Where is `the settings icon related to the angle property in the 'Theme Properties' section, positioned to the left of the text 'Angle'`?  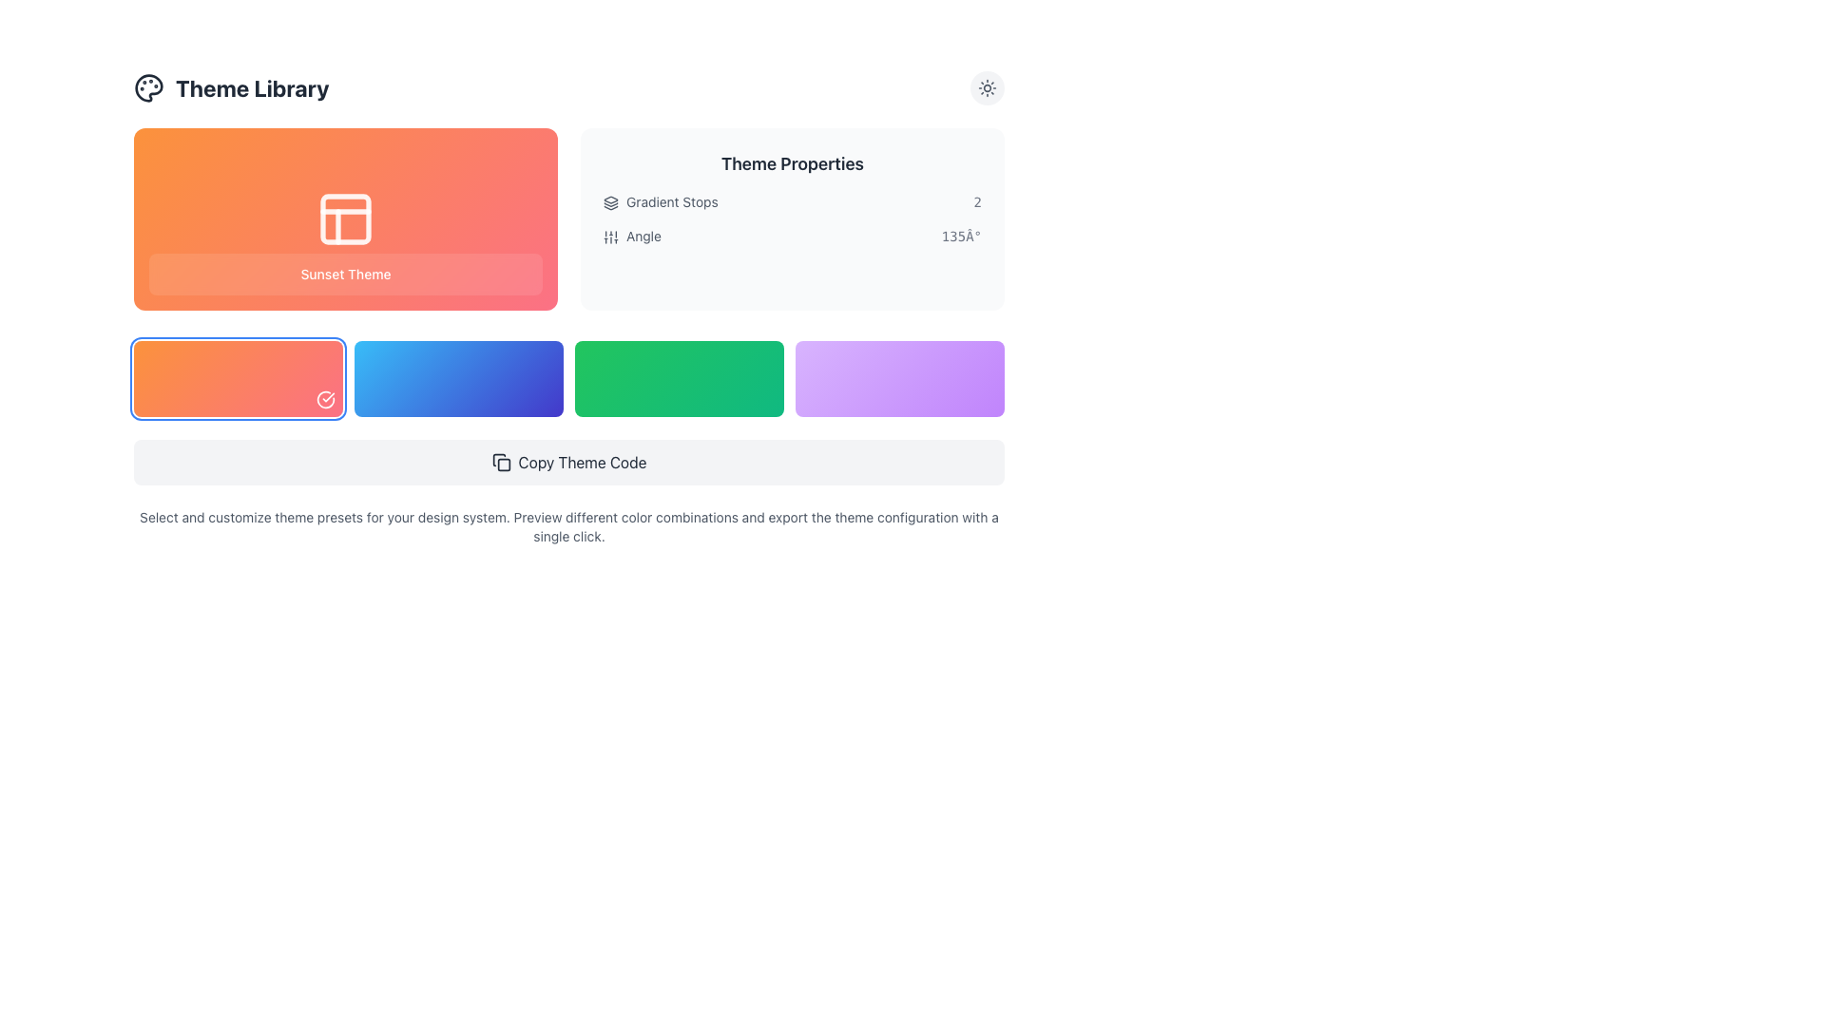 the settings icon related to the angle property in the 'Theme Properties' section, positioned to the left of the text 'Angle' is located at coordinates (611, 237).